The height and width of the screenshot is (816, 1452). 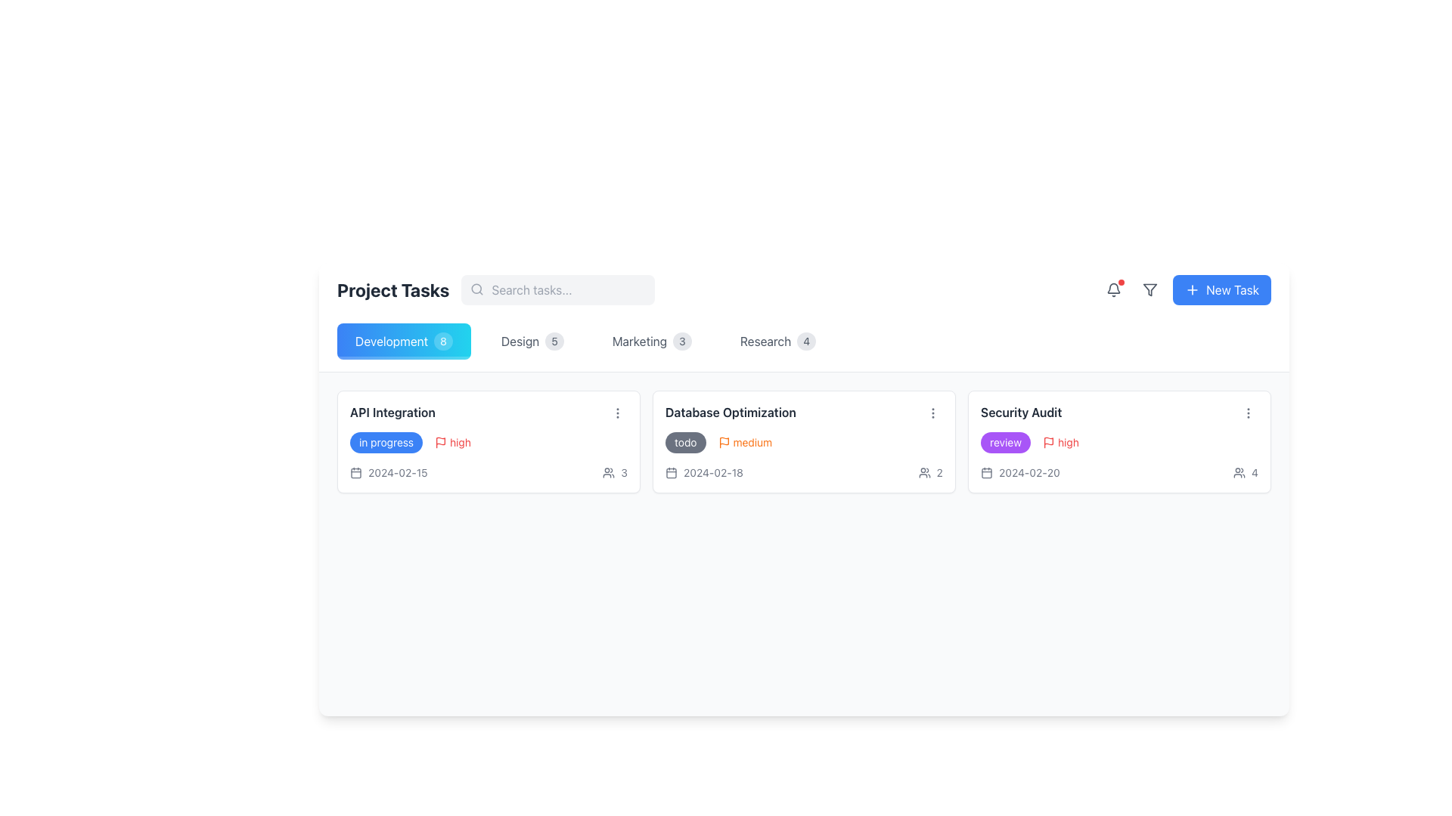 What do you see at coordinates (404, 341) in the screenshot?
I see `category name 'Development' and the associated number '8' from the button-like label with a decorative badge located beneath the 'Project Tasks' header` at bounding box center [404, 341].